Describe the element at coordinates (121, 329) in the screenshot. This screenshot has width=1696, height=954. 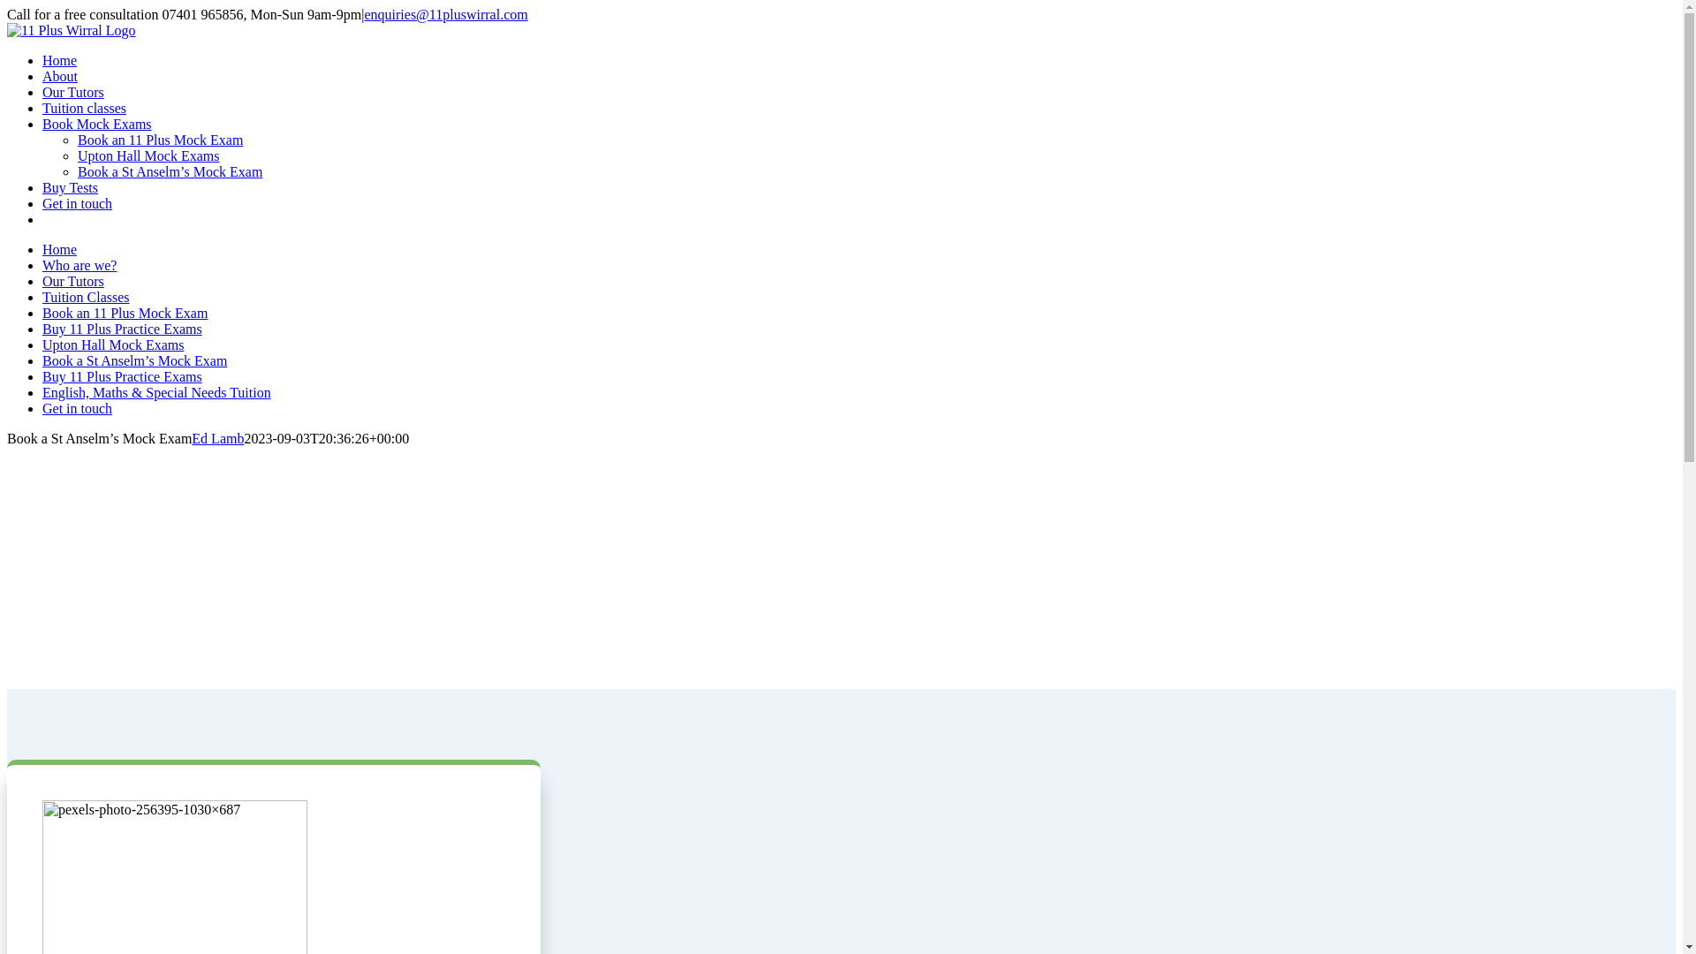
I see `'Buy 11 Plus Practice Exams'` at that location.